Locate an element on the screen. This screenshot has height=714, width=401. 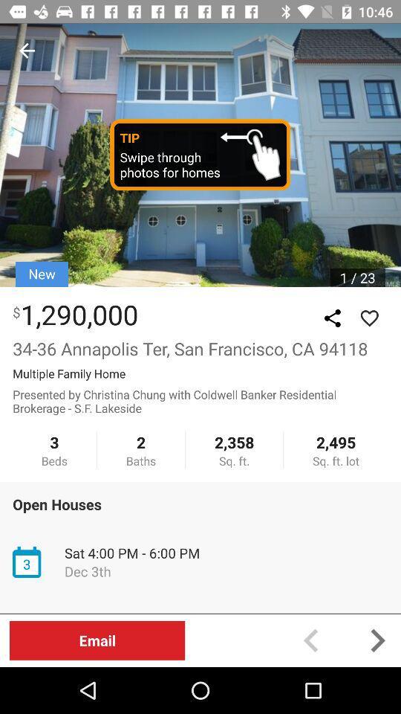
favorite is located at coordinates (368, 318).